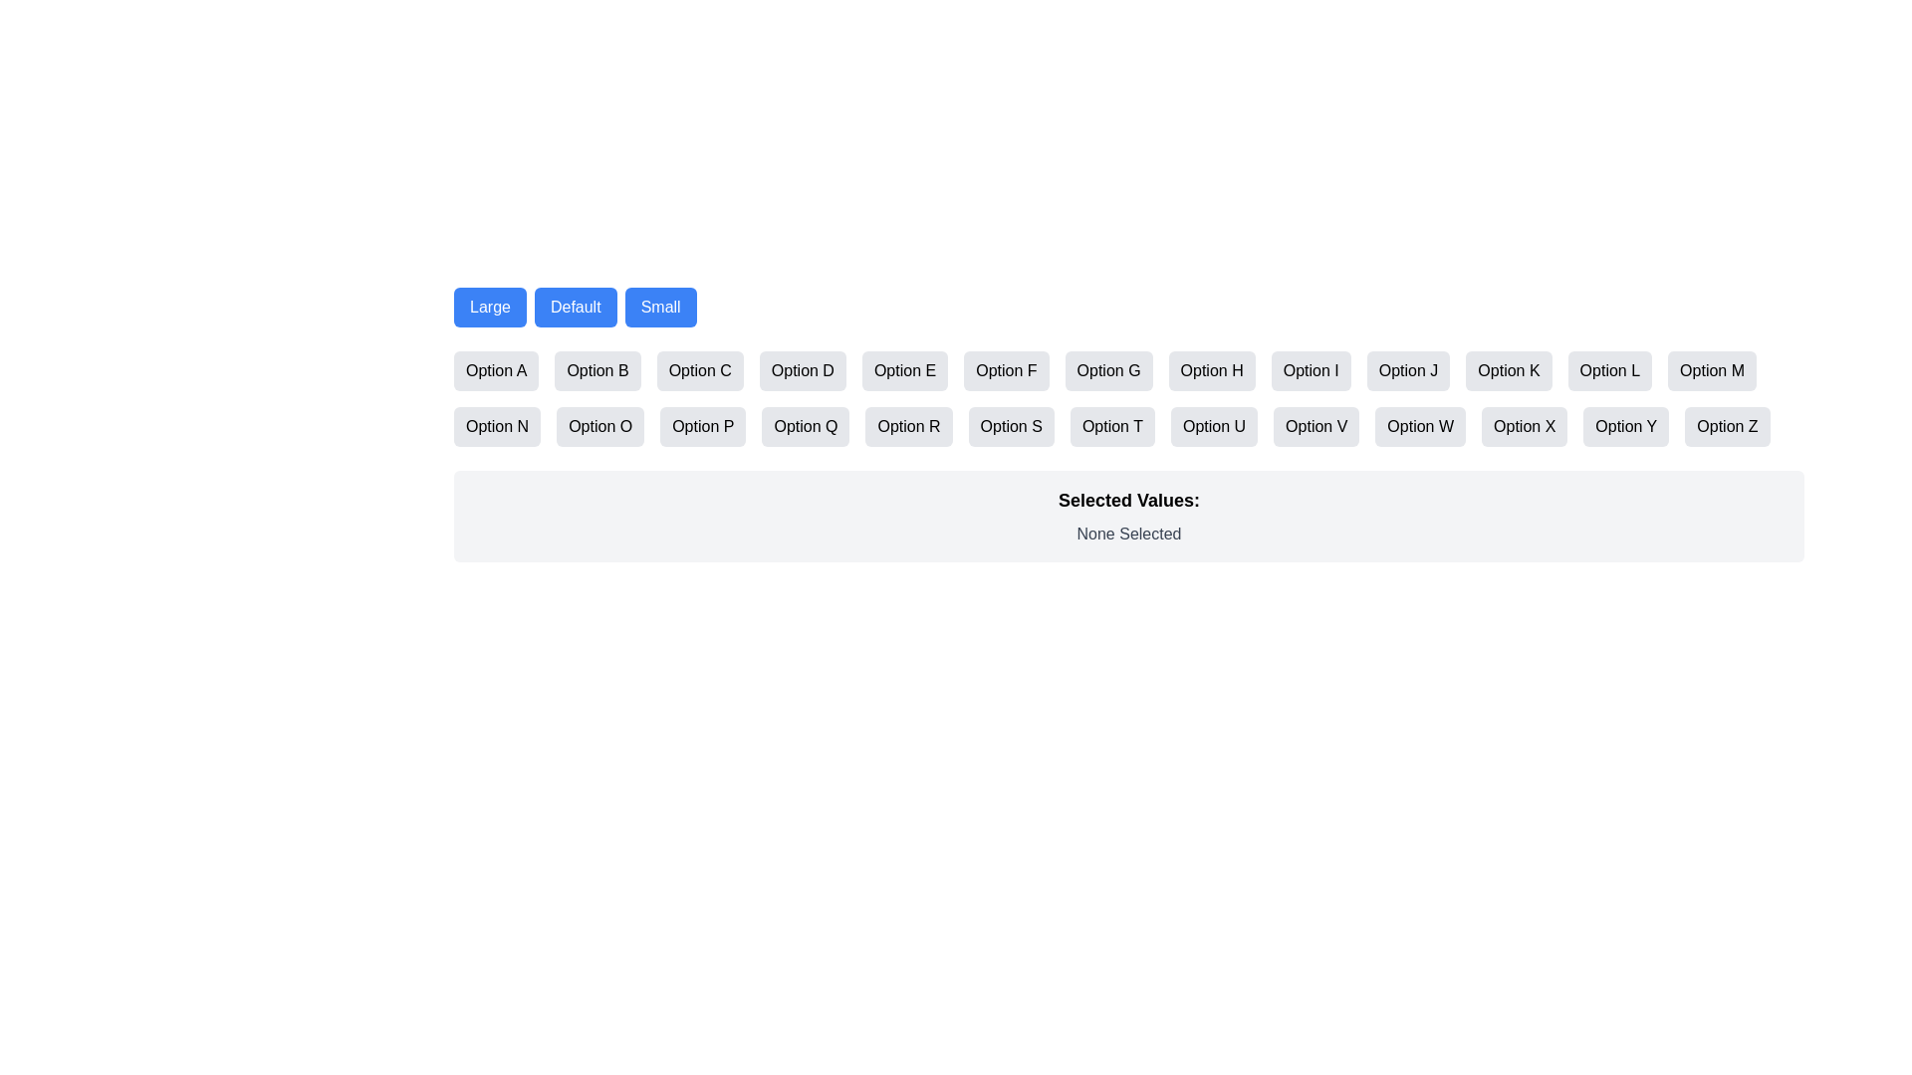 Image resolution: width=1912 pixels, height=1075 pixels. I want to click on the button labeled 'Option H', which is the eighth button from the left in the first row of a grid layout, so click(1211, 371).